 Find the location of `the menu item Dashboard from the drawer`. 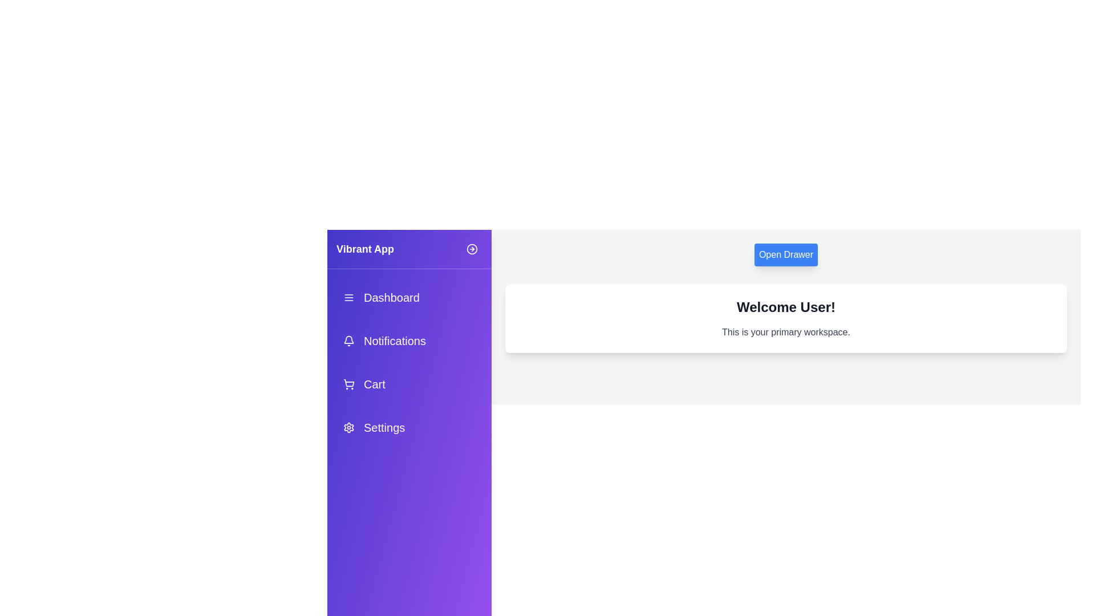

the menu item Dashboard from the drawer is located at coordinates (409, 297).